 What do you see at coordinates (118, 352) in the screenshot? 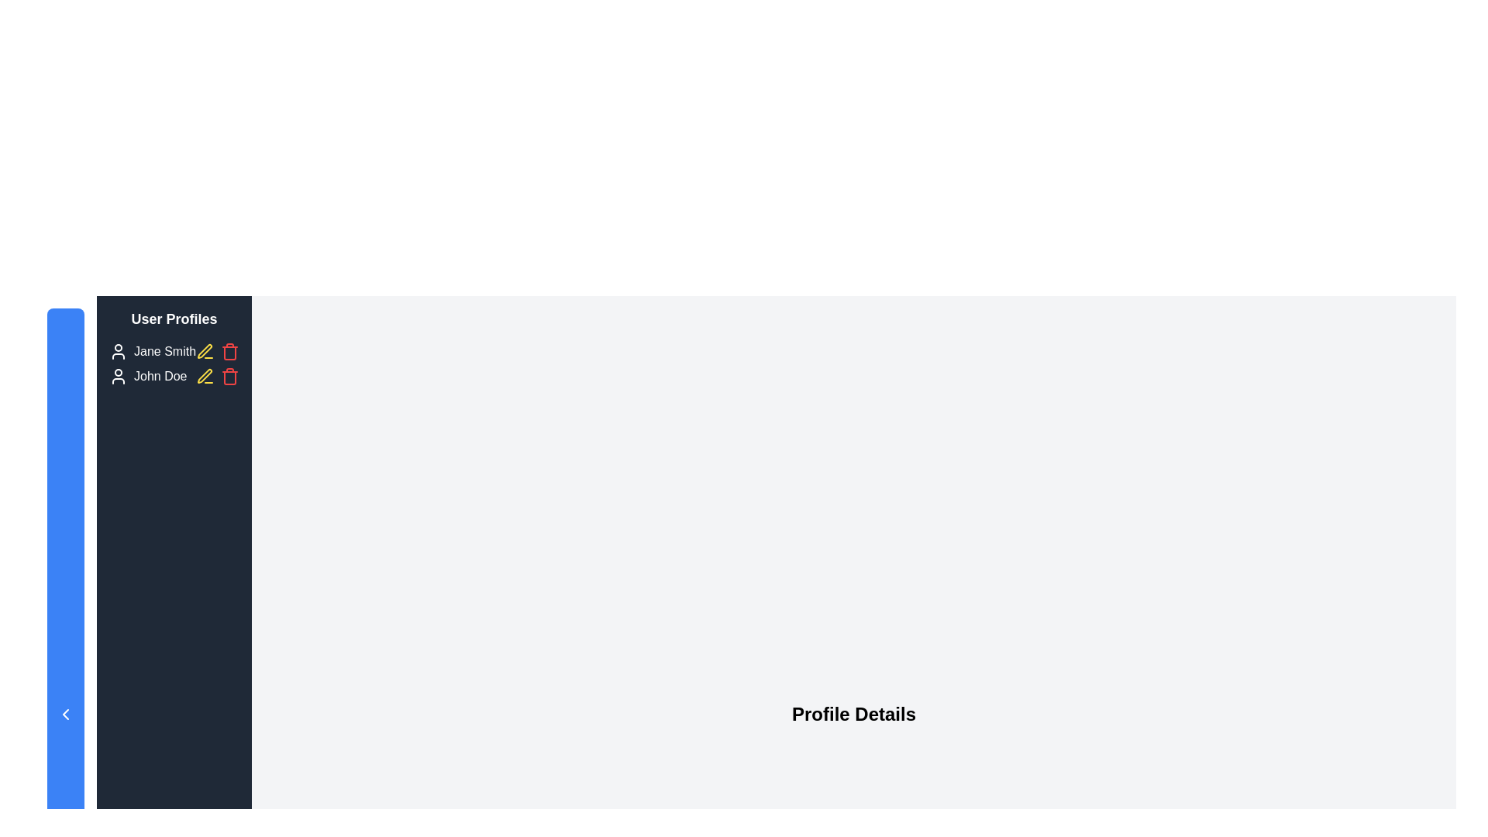
I see `the Decorative icon, which is a user icon shaped like a person silhouette with a circular head and shoulders, styled with a white outline on a dark background, located adjacent to the text 'Jane Smith' in the user list section` at bounding box center [118, 352].